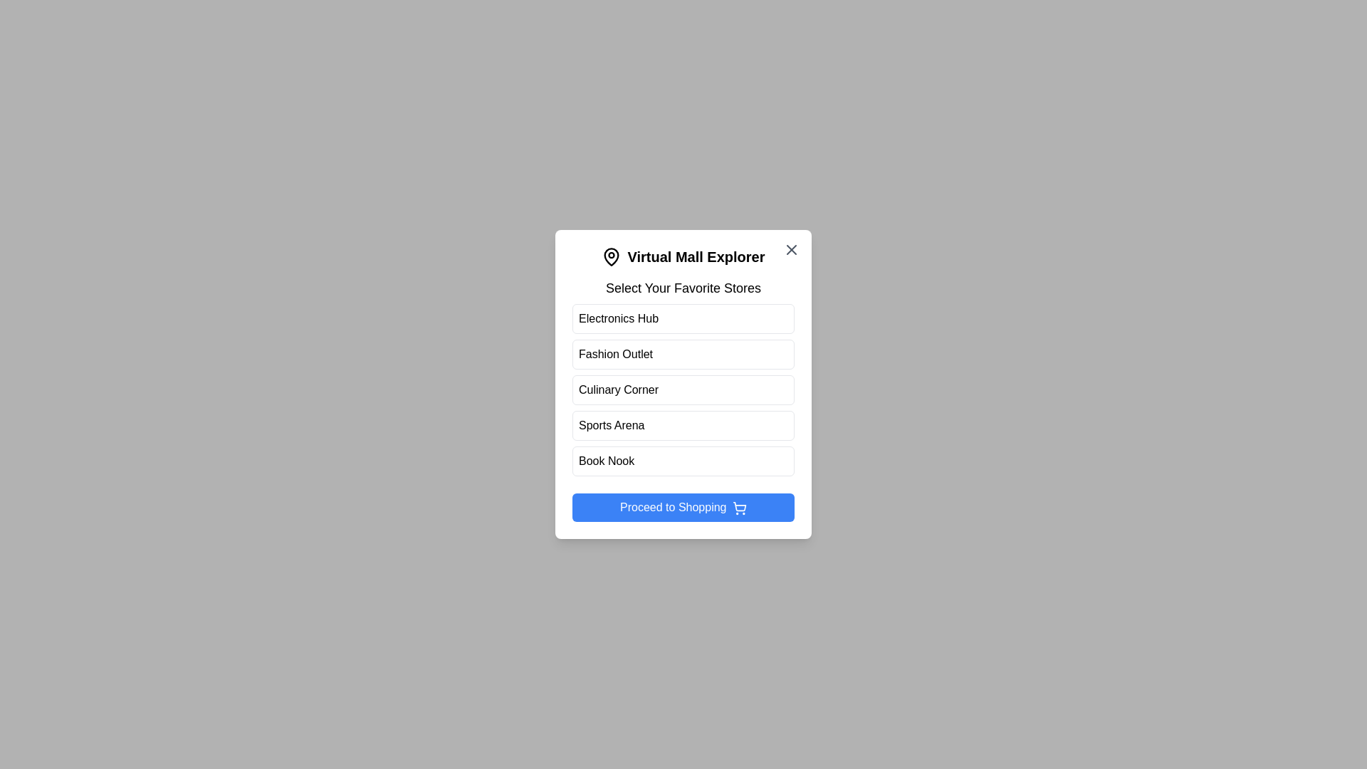  What do you see at coordinates (739, 506) in the screenshot?
I see `the shopping cart decorative icon located near the right edge of the 'Proceed to Shopping' blue button at the bottom of the modal interface` at bounding box center [739, 506].